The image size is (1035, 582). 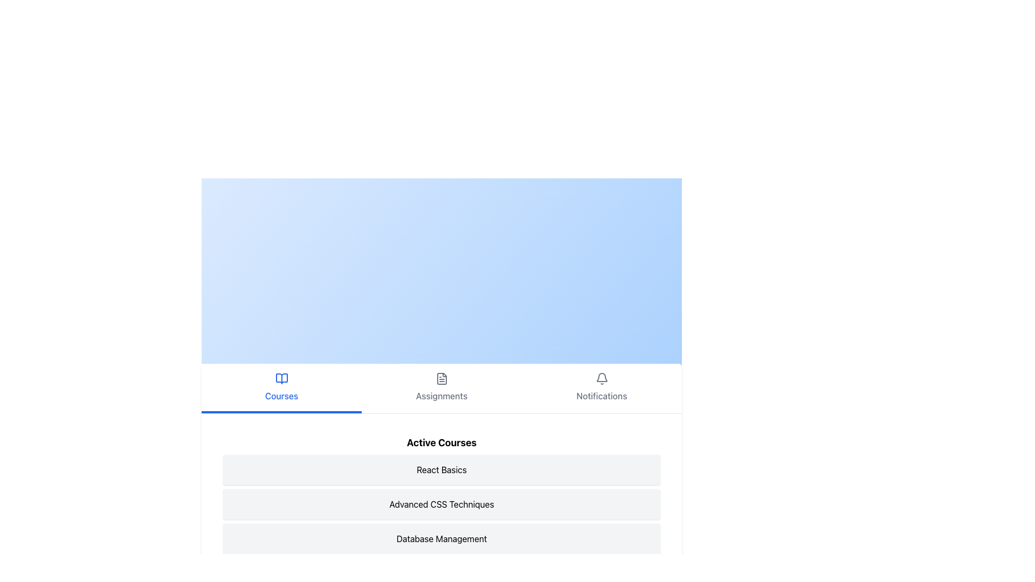 I want to click on the 'Advanced CSS Techniques' course card, which is the second item in the 'Active Courses' section, so click(x=441, y=494).